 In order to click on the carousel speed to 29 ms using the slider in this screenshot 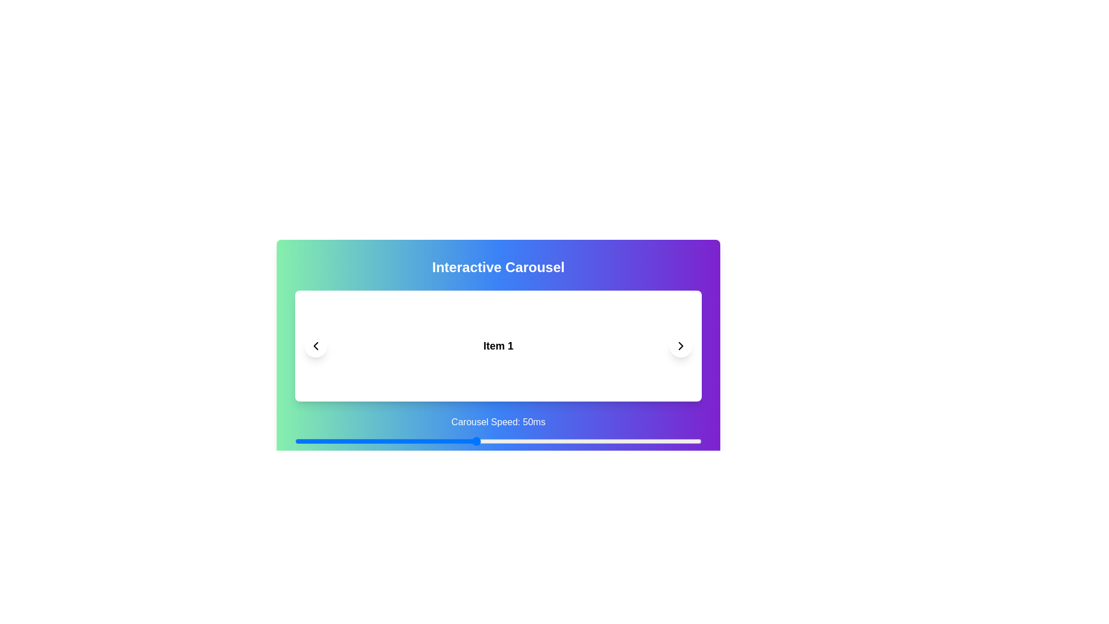, I will do `click(381, 441)`.